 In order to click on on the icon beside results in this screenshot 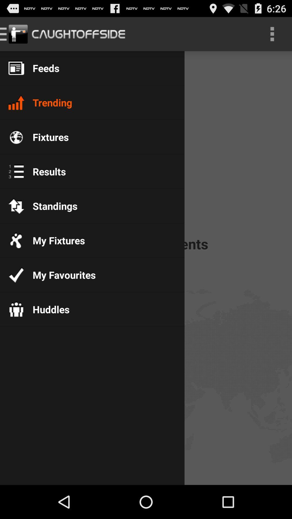, I will do `click(16, 171)`.